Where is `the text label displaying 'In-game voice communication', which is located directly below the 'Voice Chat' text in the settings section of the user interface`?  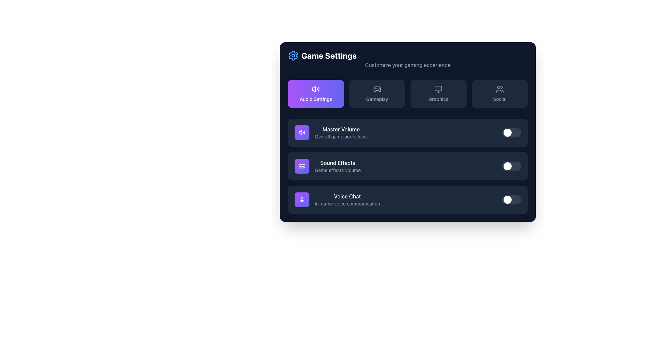
the text label displaying 'In-game voice communication', which is located directly below the 'Voice Chat' text in the settings section of the user interface is located at coordinates (347, 203).